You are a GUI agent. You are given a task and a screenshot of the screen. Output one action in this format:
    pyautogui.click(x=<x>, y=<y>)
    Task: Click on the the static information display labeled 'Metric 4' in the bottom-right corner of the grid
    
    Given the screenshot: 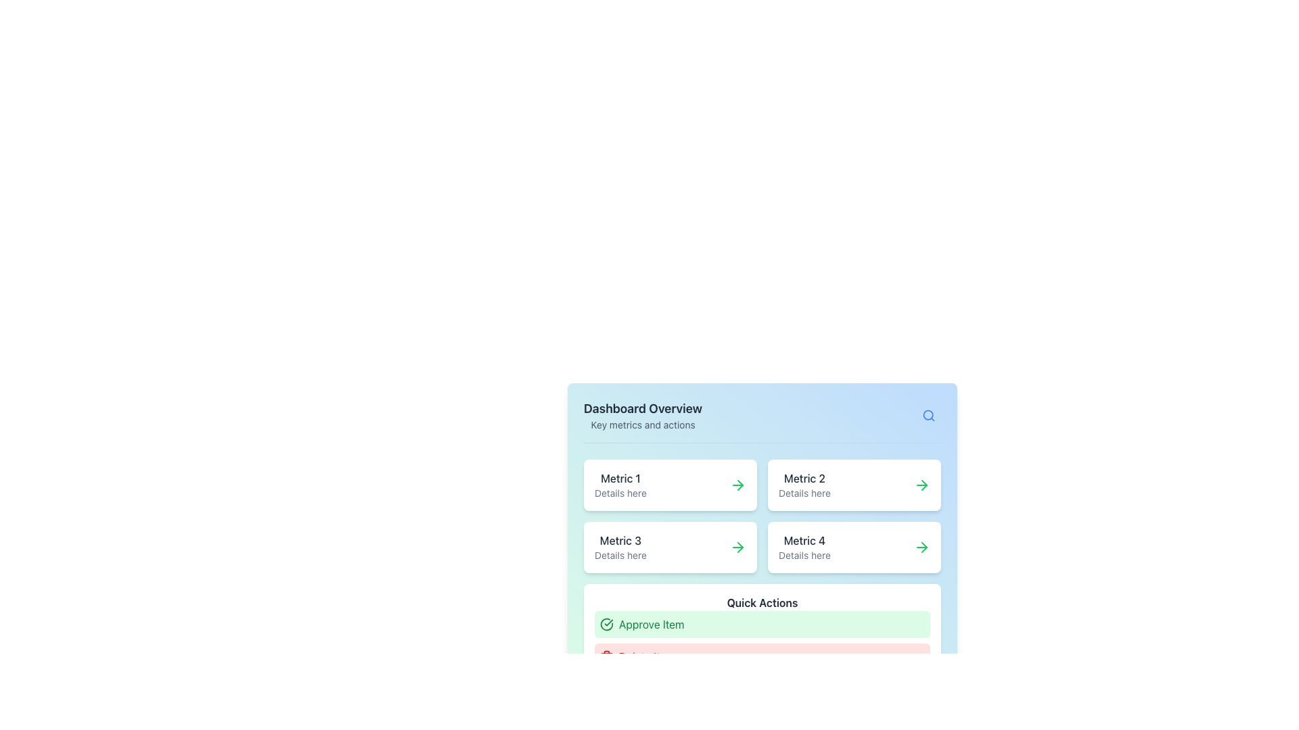 What is the action you would take?
    pyautogui.click(x=804, y=547)
    